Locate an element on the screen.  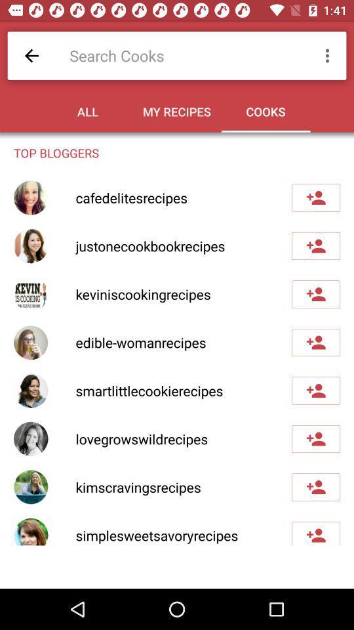
cafedelitesrecipes is located at coordinates (315, 198).